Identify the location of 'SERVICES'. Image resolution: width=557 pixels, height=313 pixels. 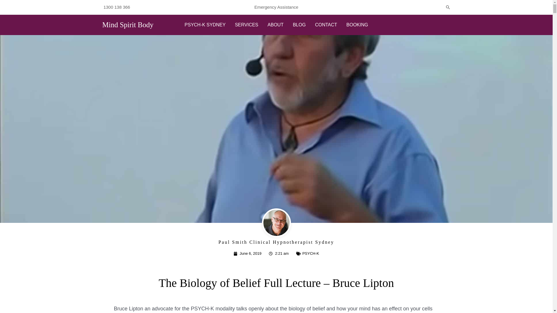
(247, 24).